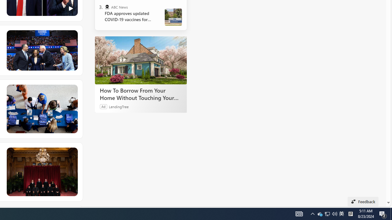 This screenshot has width=392, height=220. I want to click on 'ABC News', so click(107, 7).